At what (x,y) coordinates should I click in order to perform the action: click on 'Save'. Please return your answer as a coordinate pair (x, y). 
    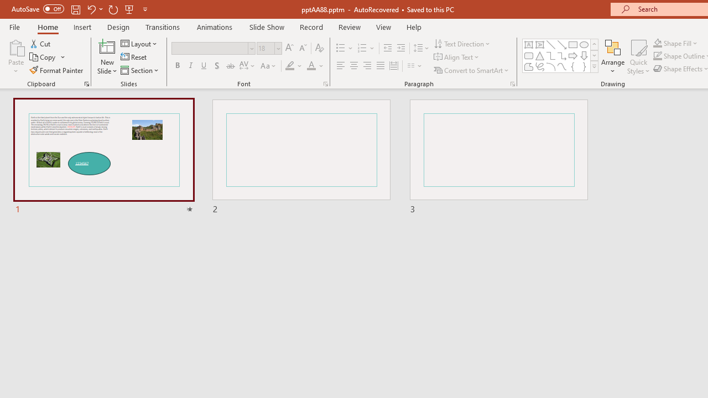
    Looking at the image, I should click on (75, 9).